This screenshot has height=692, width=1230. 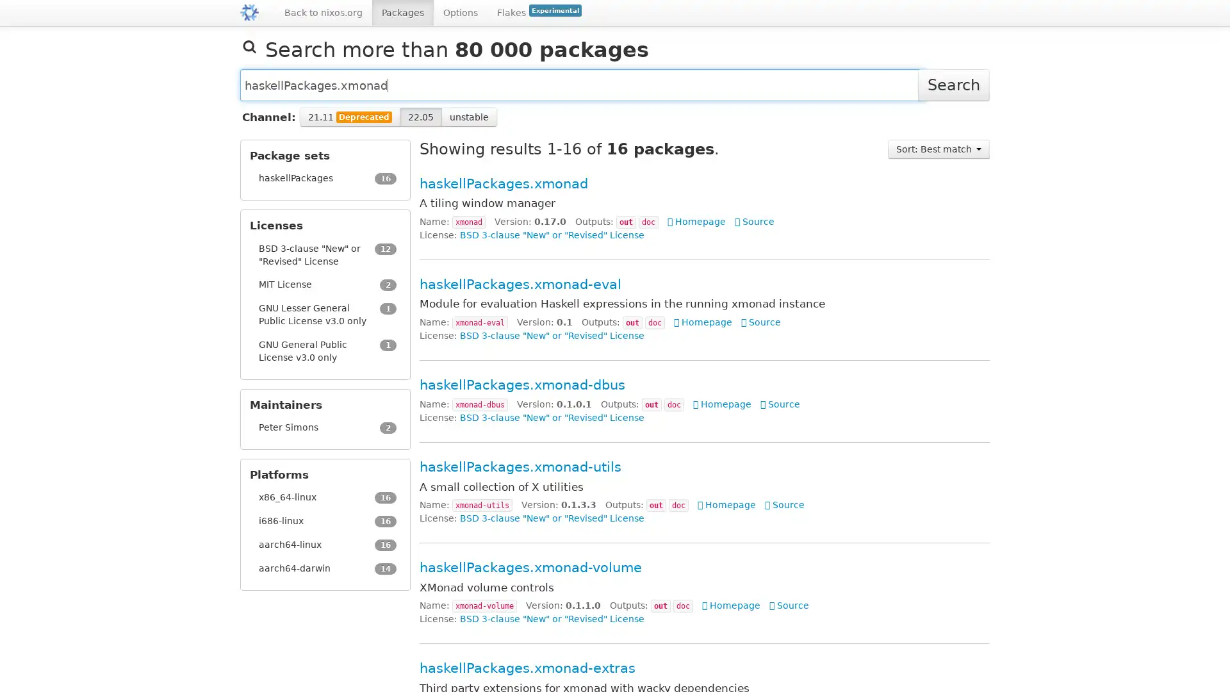 What do you see at coordinates (468, 117) in the screenshot?
I see `unstable` at bounding box center [468, 117].